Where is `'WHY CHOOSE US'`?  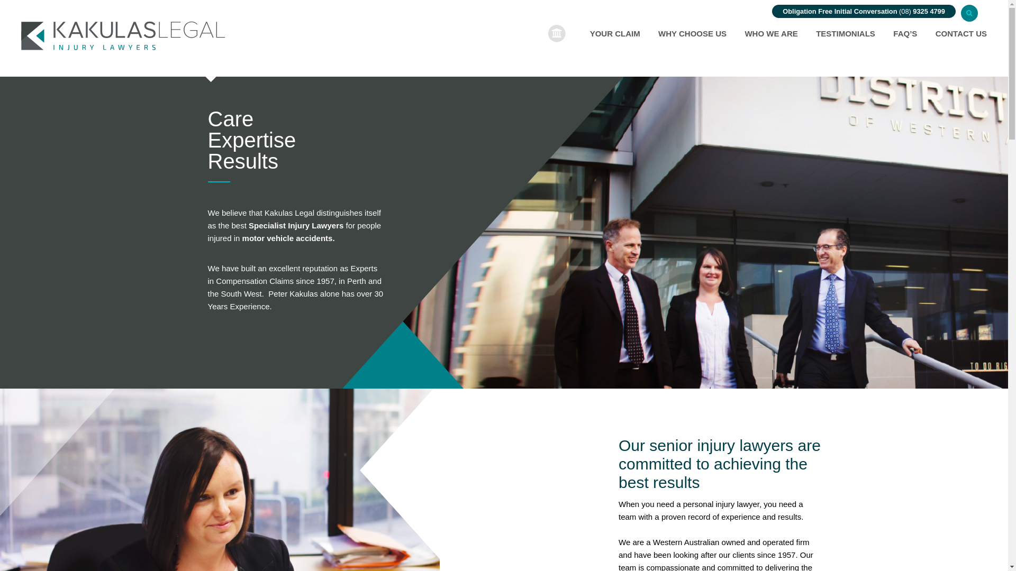 'WHY CHOOSE US' is located at coordinates (692, 34).